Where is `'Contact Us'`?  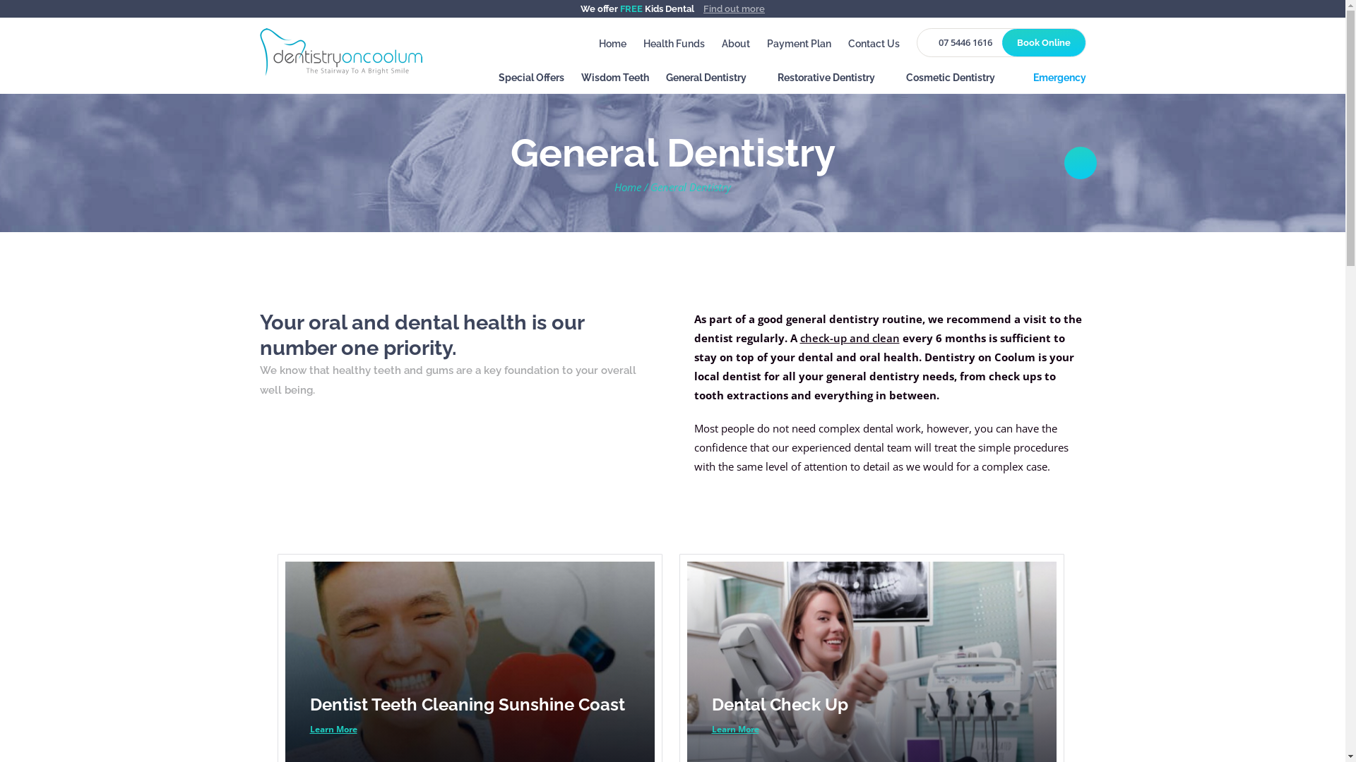 'Contact Us' is located at coordinates (872, 43).